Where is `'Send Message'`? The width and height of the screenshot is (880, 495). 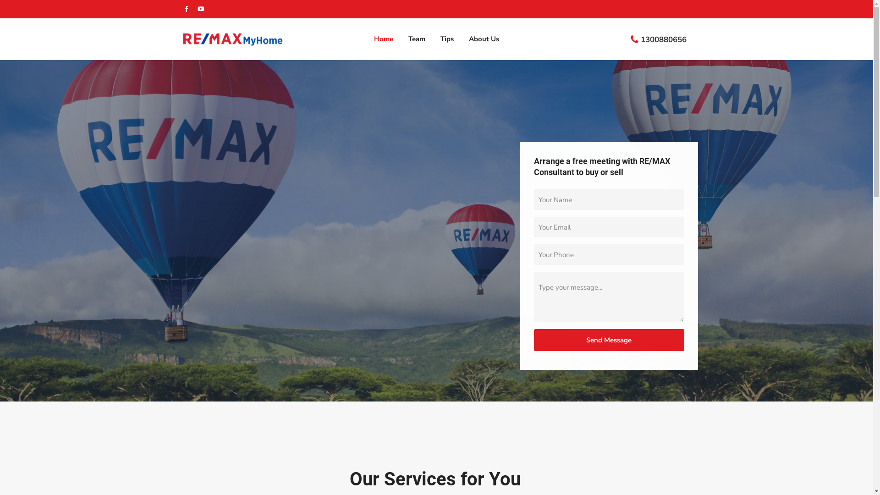
'Send Message' is located at coordinates (609, 340).